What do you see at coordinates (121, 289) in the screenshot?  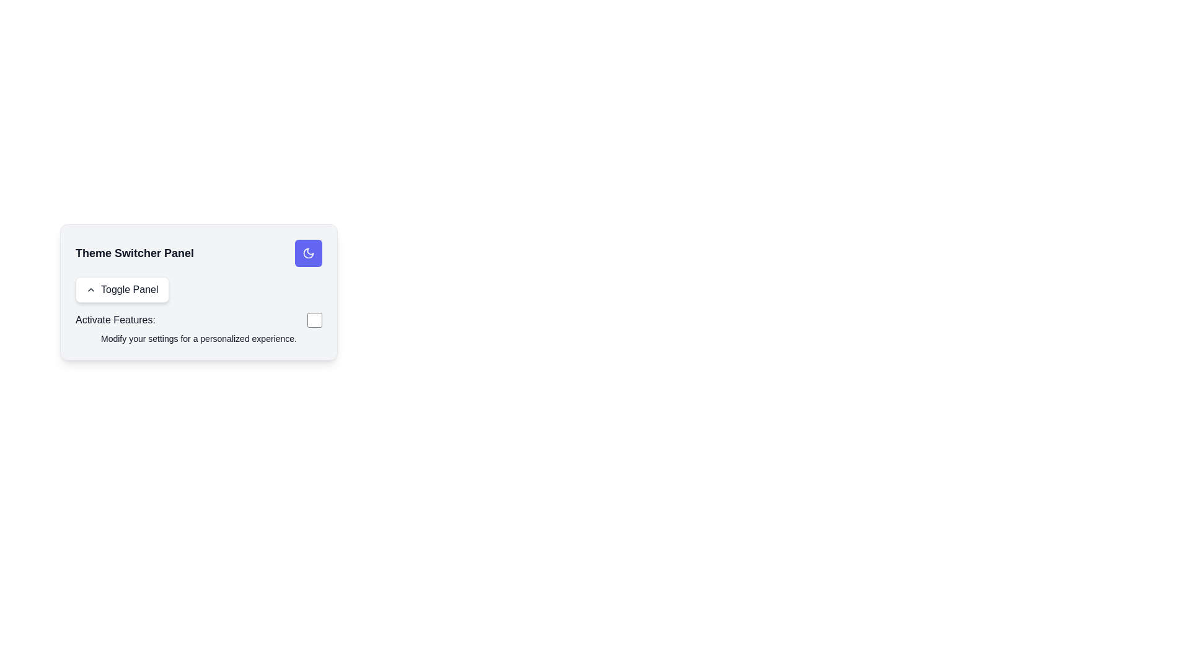 I see `the button located in the 'Theme Switcher Panel'` at bounding box center [121, 289].